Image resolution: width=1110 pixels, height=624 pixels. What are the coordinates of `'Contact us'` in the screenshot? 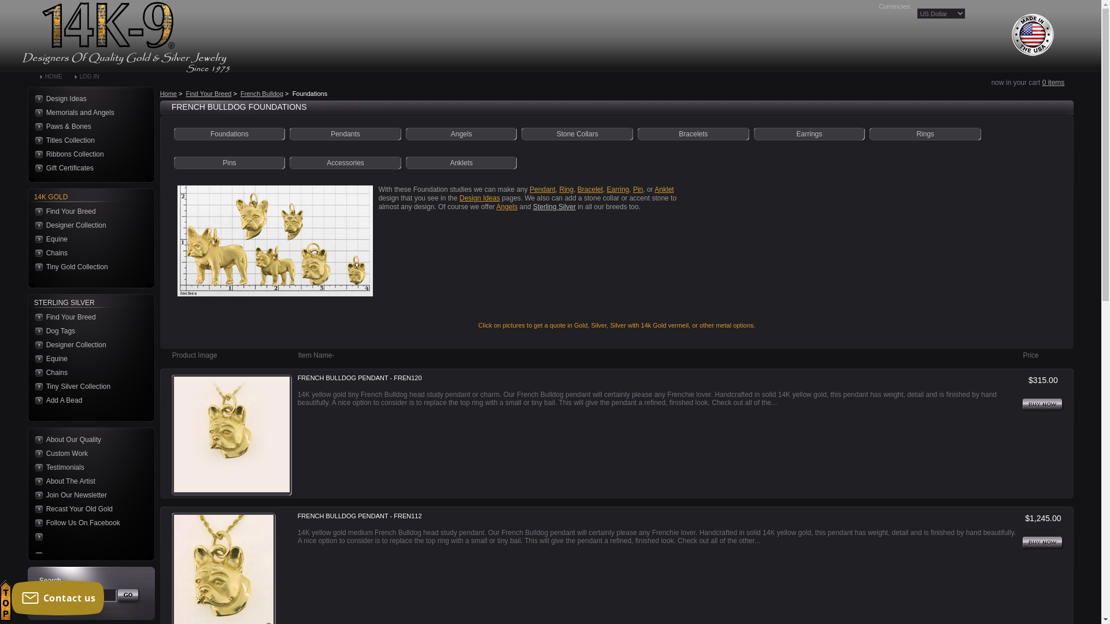 It's located at (57, 597).